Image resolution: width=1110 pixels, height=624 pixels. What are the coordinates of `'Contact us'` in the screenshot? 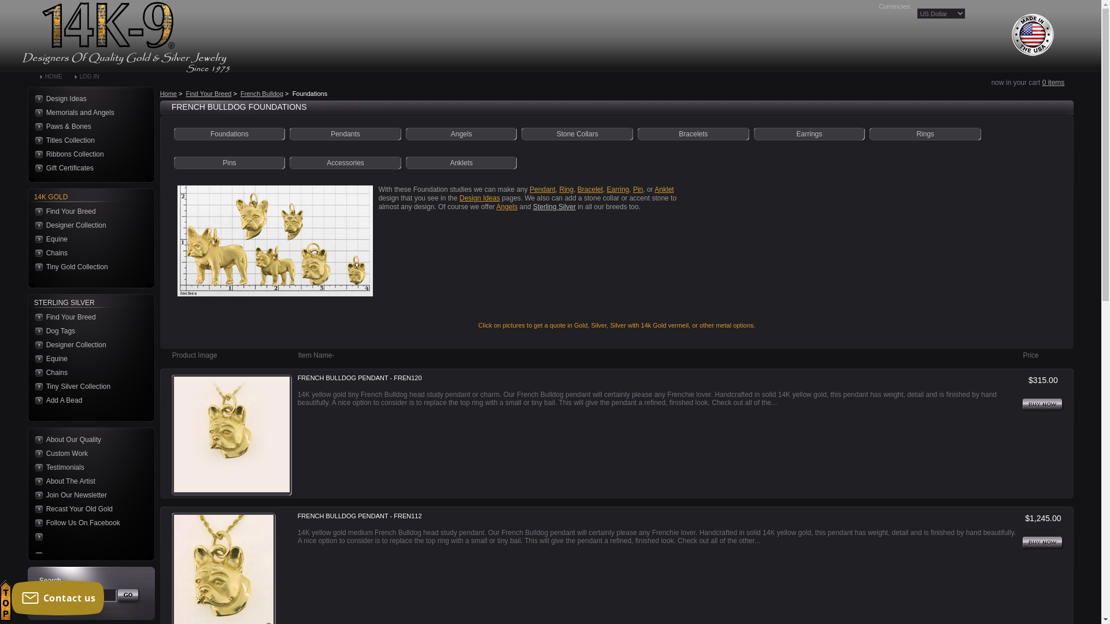 It's located at (57, 597).